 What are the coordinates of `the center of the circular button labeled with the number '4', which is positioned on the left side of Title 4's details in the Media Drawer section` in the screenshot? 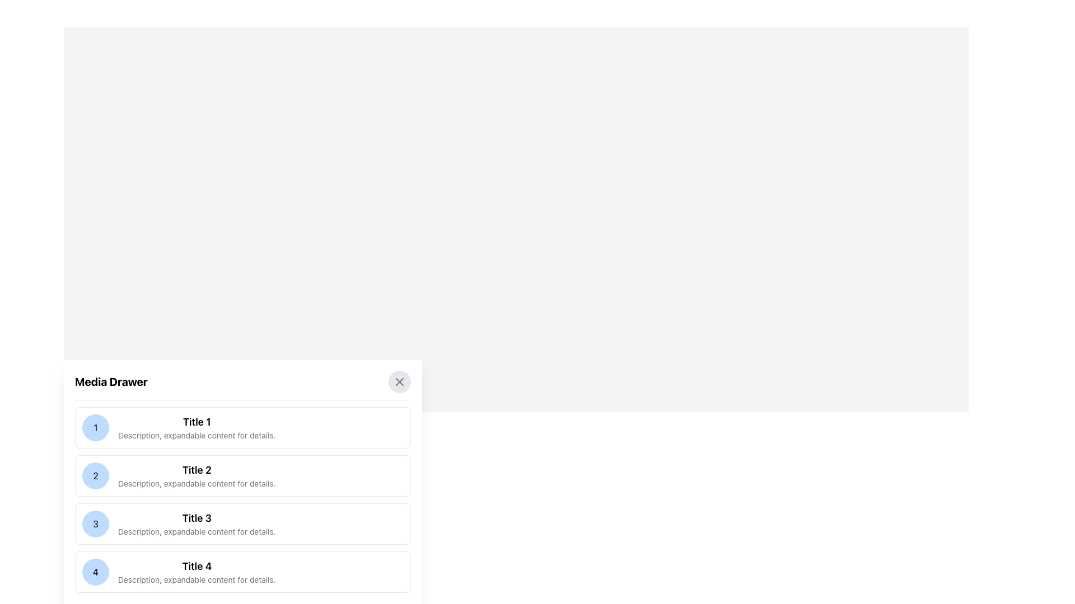 It's located at (96, 572).